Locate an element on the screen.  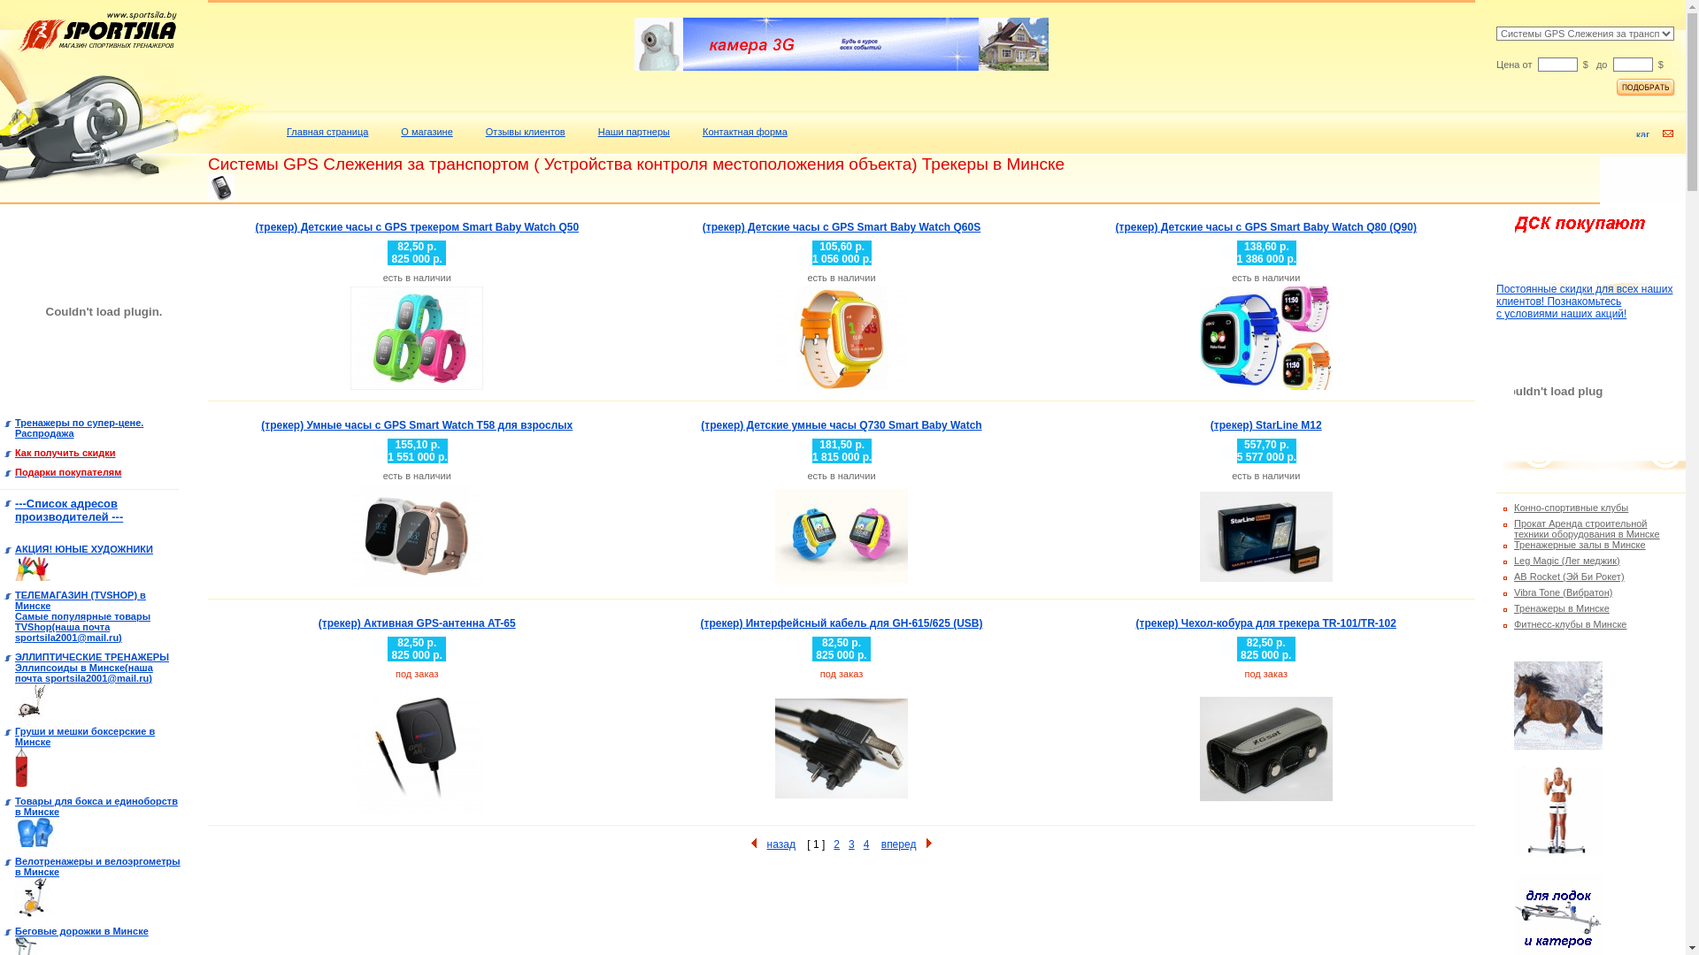
'3' is located at coordinates (851, 844).